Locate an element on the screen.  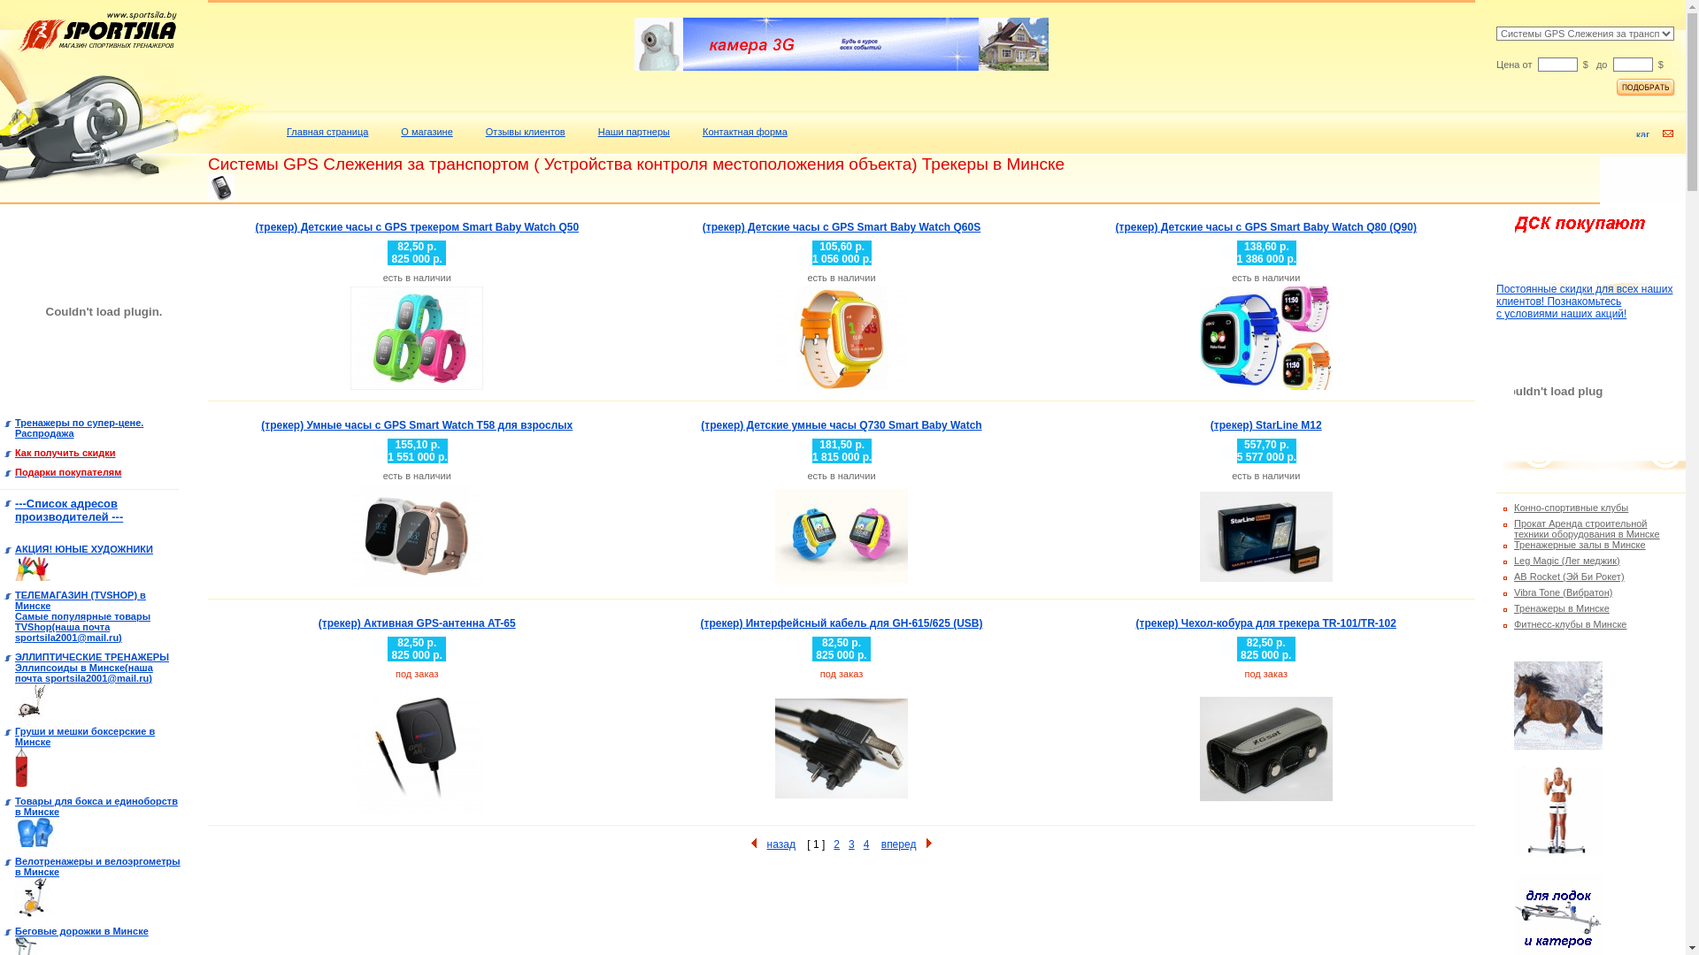
'3' is located at coordinates (851, 844).